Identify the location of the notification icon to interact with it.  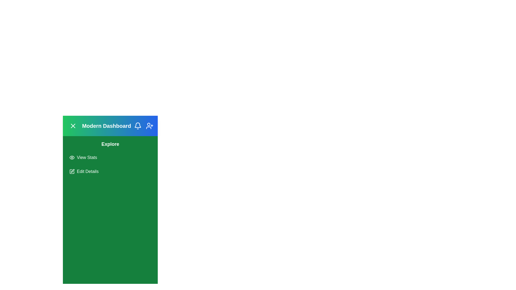
(138, 126).